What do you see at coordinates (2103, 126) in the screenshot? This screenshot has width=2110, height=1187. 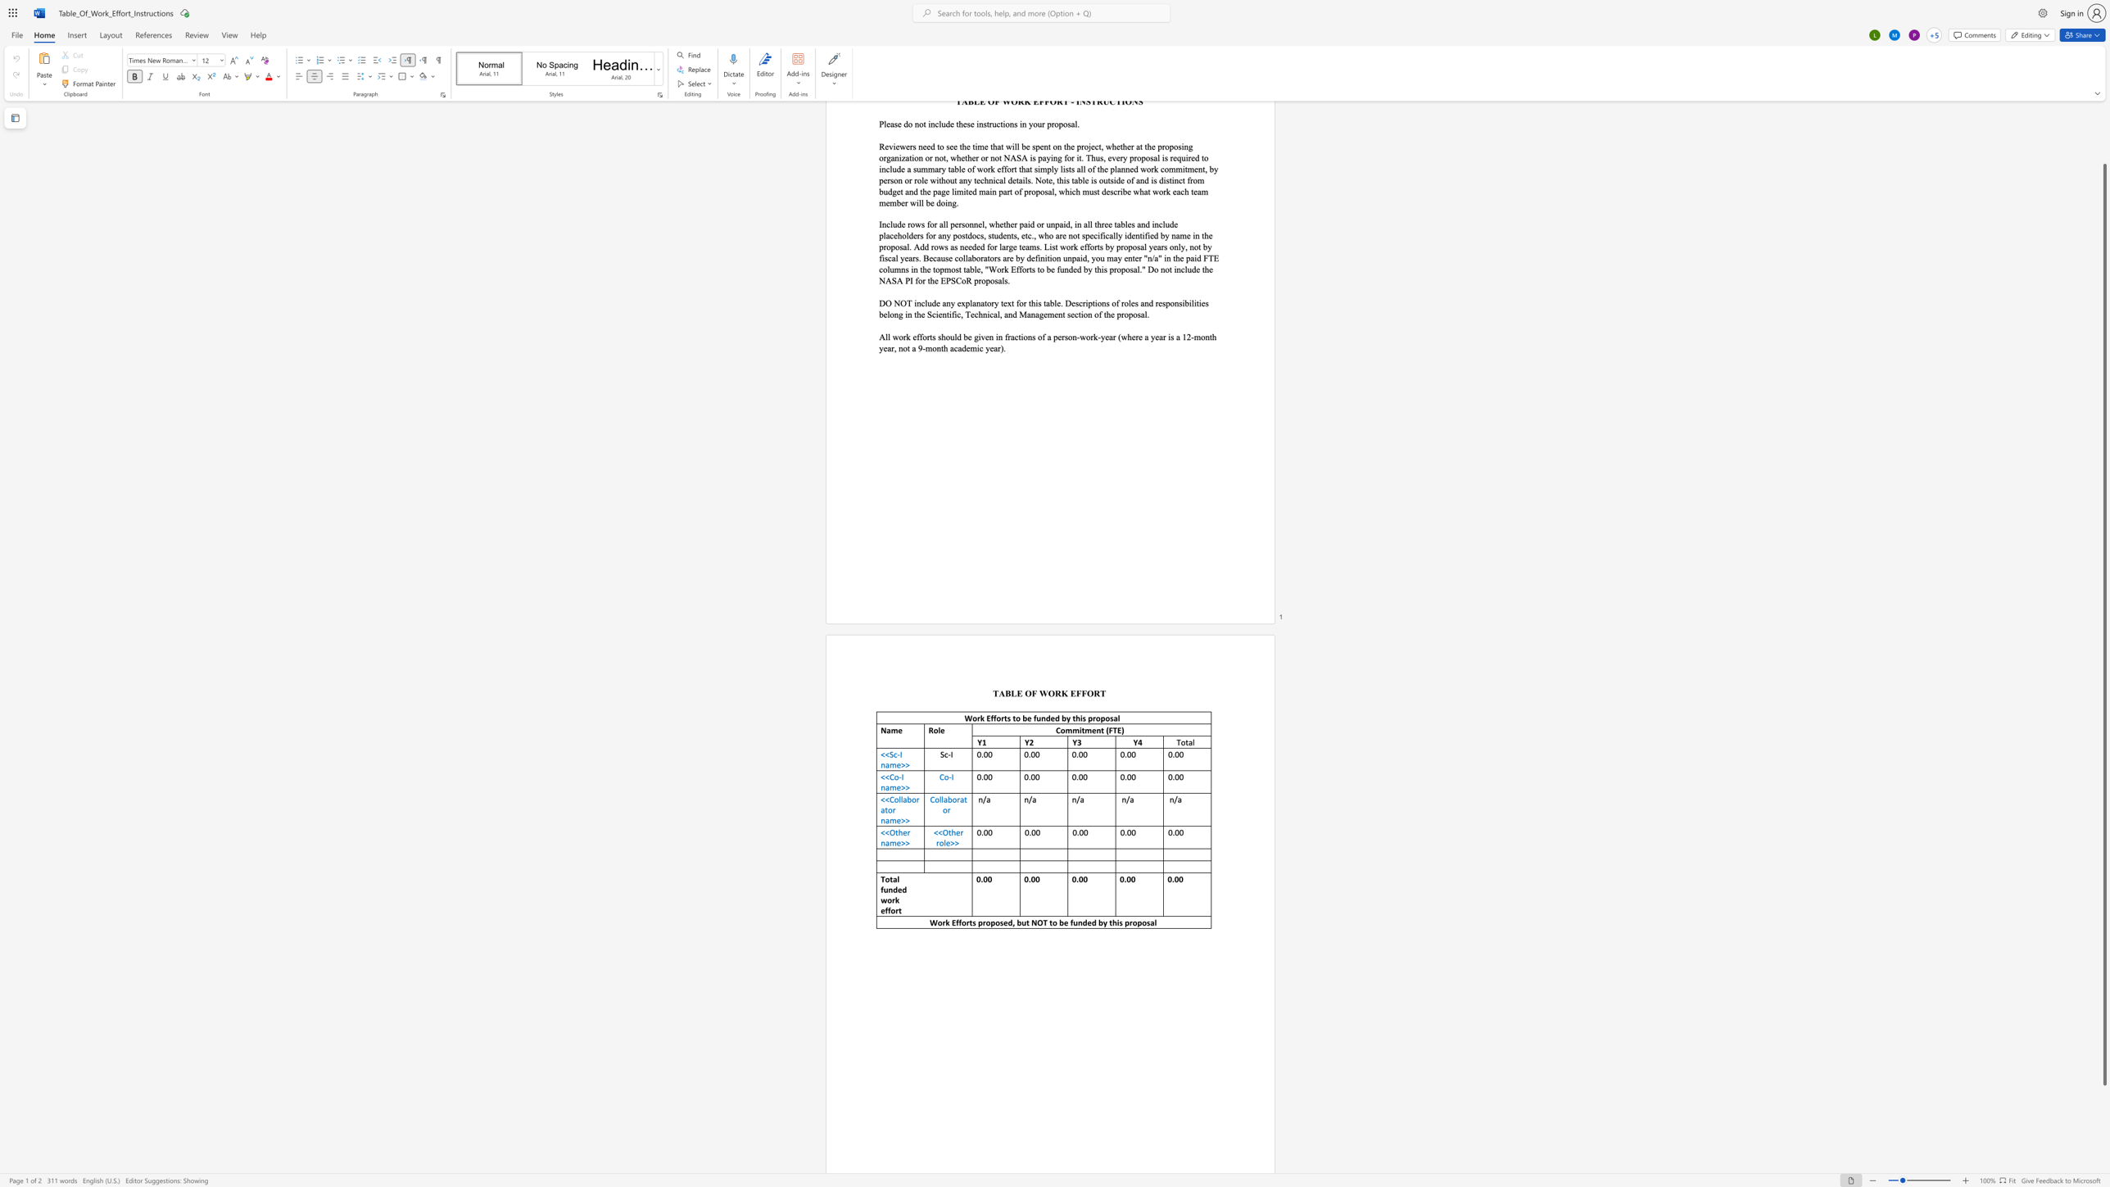 I see `the scrollbar to scroll the page up` at bounding box center [2103, 126].